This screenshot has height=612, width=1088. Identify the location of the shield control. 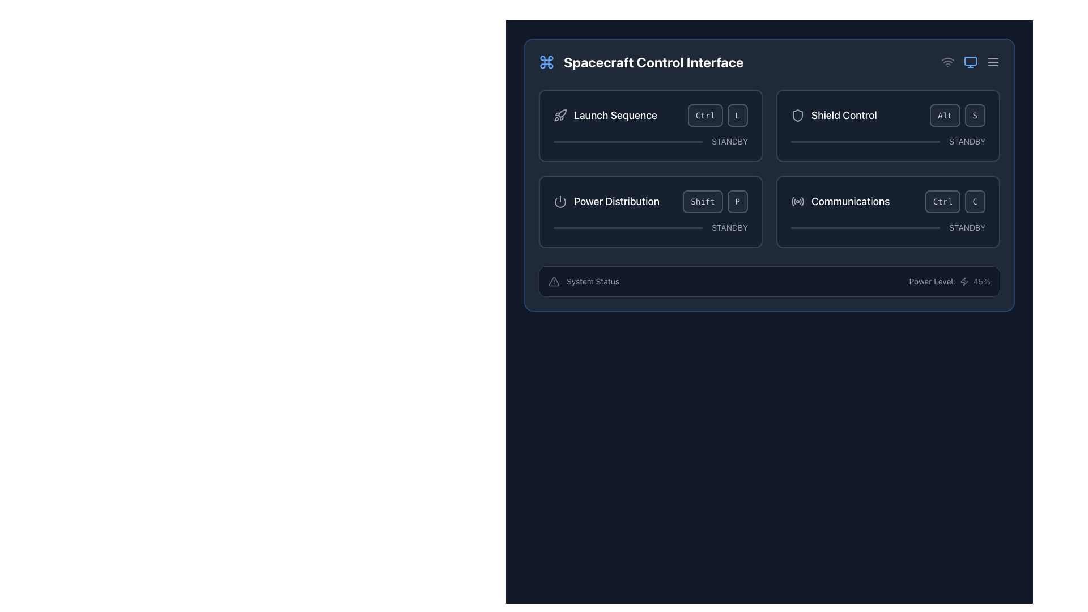
(871, 141).